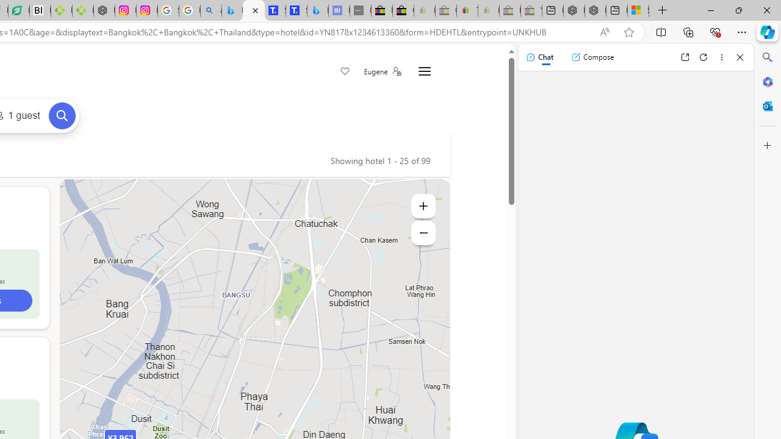  I want to click on 'Press Room - eBay Inc. - Sleeping', so click(509, 10).